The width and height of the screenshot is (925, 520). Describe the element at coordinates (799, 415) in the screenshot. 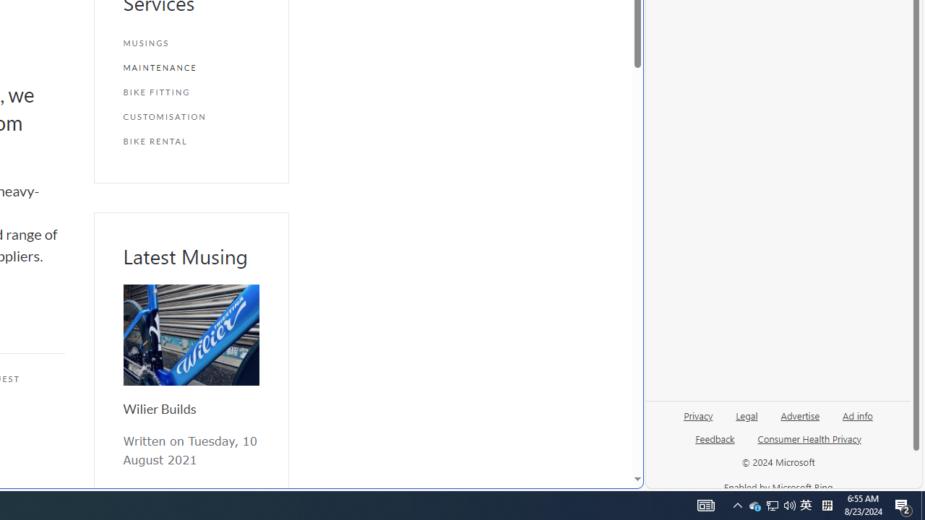

I see `'Advertise'` at that location.